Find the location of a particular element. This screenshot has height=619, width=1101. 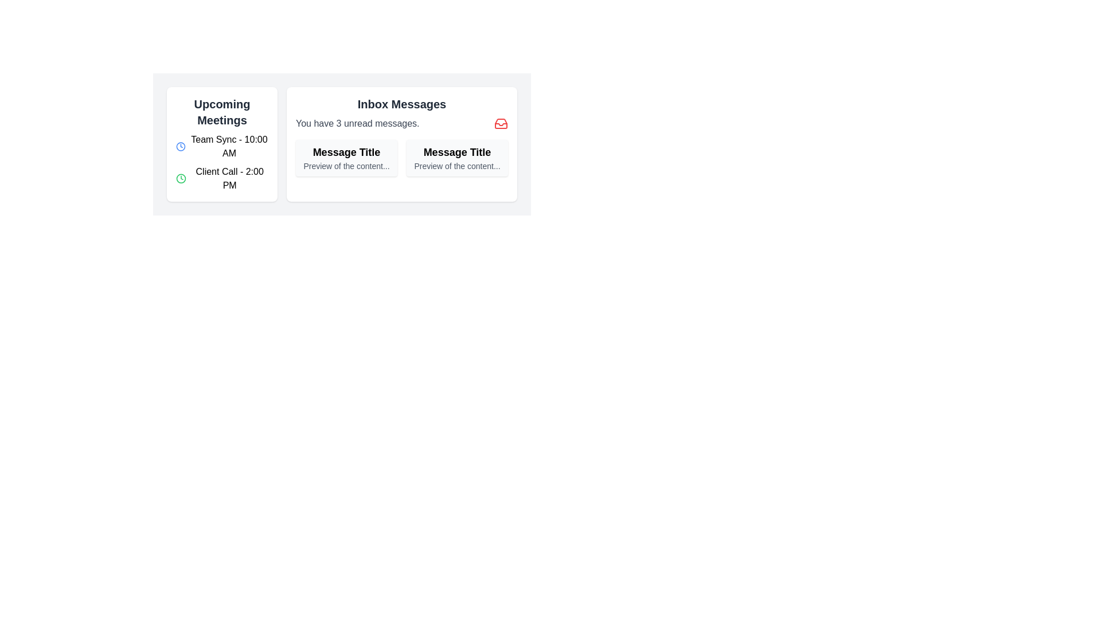

the circular clock icon with a blue outline located to the left of the text 'Team Sync - 10:00 AM' in the 'Upcoming Meetings' section is located at coordinates (180, 146).